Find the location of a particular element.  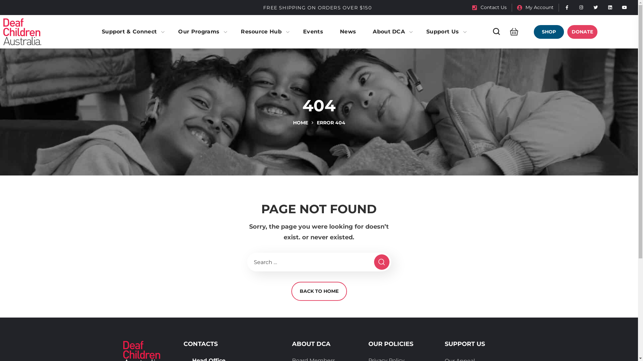

'Instagram' is located at coordinates (575, 8).